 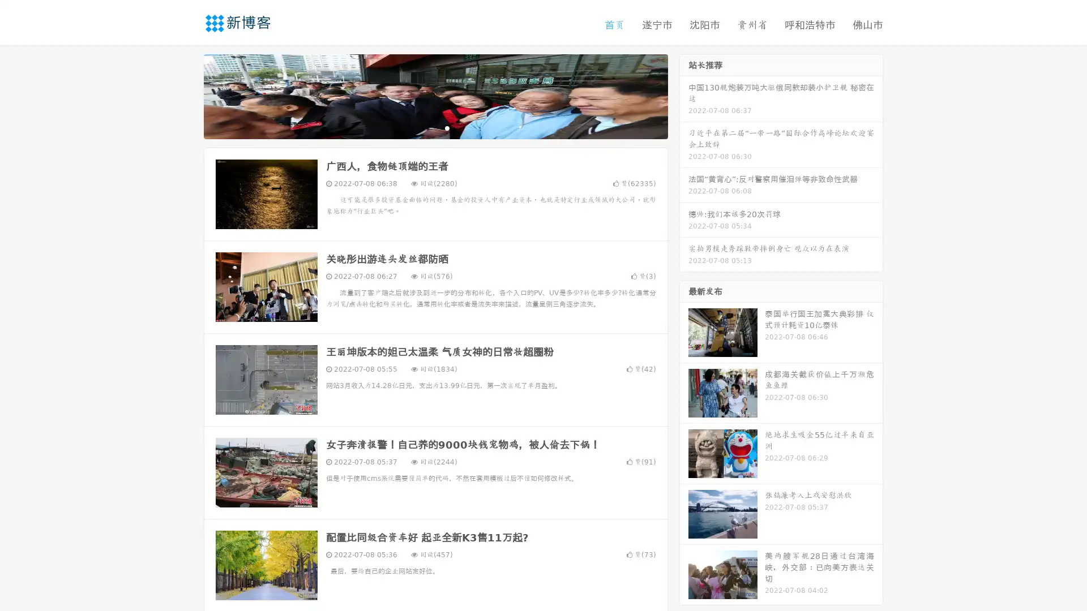 What do you see at coordinates (423, 127) in the screenshot?
I see `Go to slide 1` at bounding box center [423, 127].